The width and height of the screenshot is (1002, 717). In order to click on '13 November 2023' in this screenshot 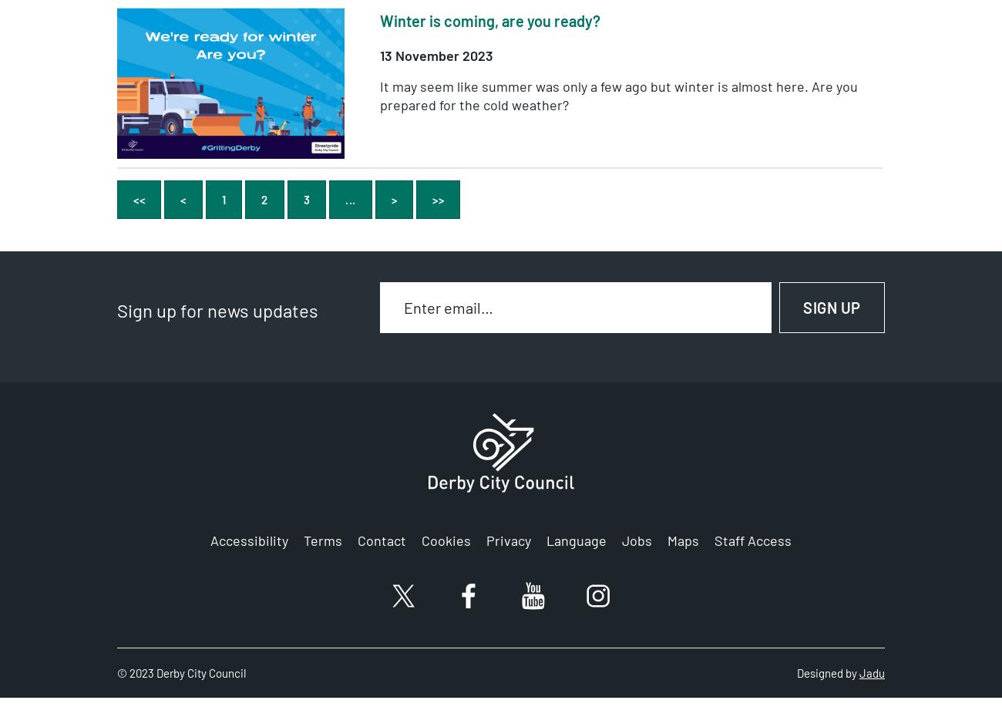, I will do `click(435, 54)`.